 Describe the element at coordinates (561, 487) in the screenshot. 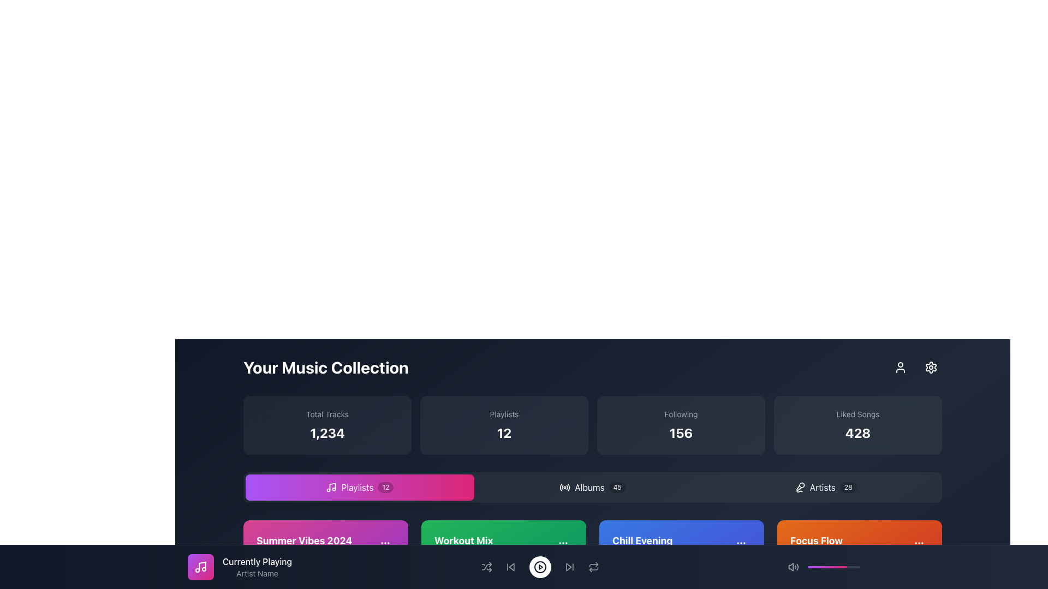

I see `the small semi-circular arc in the bottom-right corner of the circular icon, which is styled with a thin stroke and lacks fill coloration` at that location.